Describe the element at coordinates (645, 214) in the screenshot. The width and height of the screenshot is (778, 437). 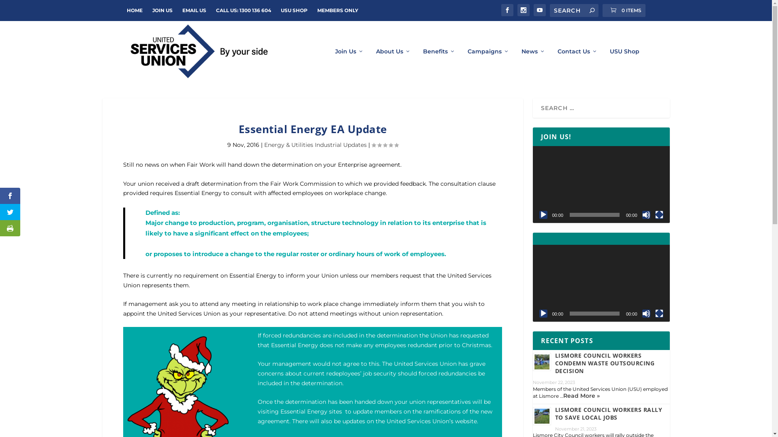
I see `'Mute'` at that location.